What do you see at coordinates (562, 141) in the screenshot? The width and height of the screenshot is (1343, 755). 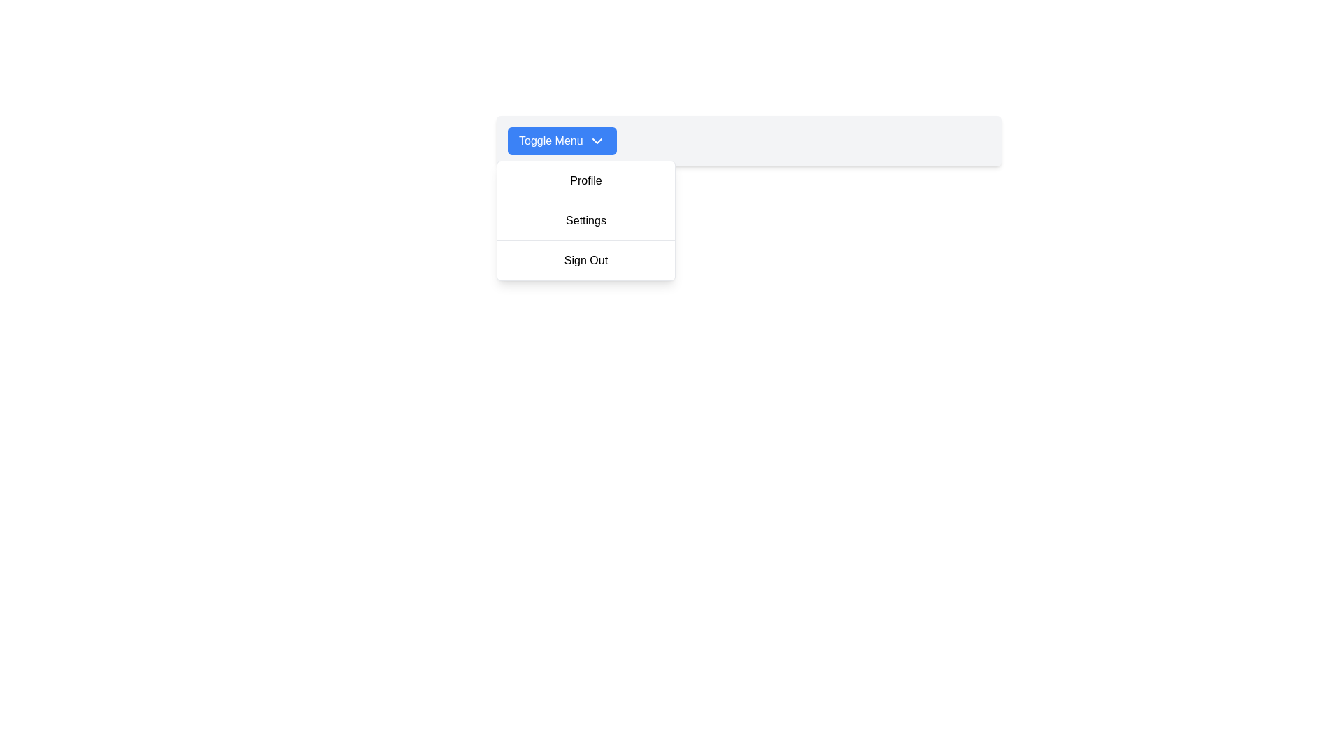 I see `the blue rectangular button labeled 'Toggle Menu'` at bounding box center [562, 141].